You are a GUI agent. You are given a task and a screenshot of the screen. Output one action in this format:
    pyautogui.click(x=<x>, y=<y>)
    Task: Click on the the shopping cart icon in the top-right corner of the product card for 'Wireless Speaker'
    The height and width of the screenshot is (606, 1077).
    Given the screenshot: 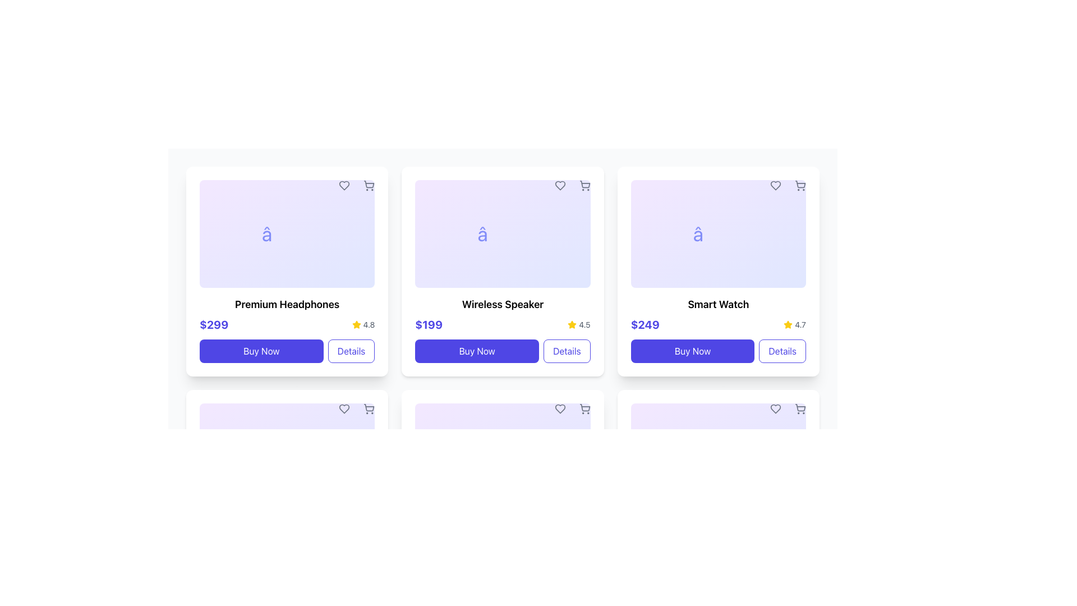 What is the action you would take?
    pyautogui.click(x=584, y=185)
    